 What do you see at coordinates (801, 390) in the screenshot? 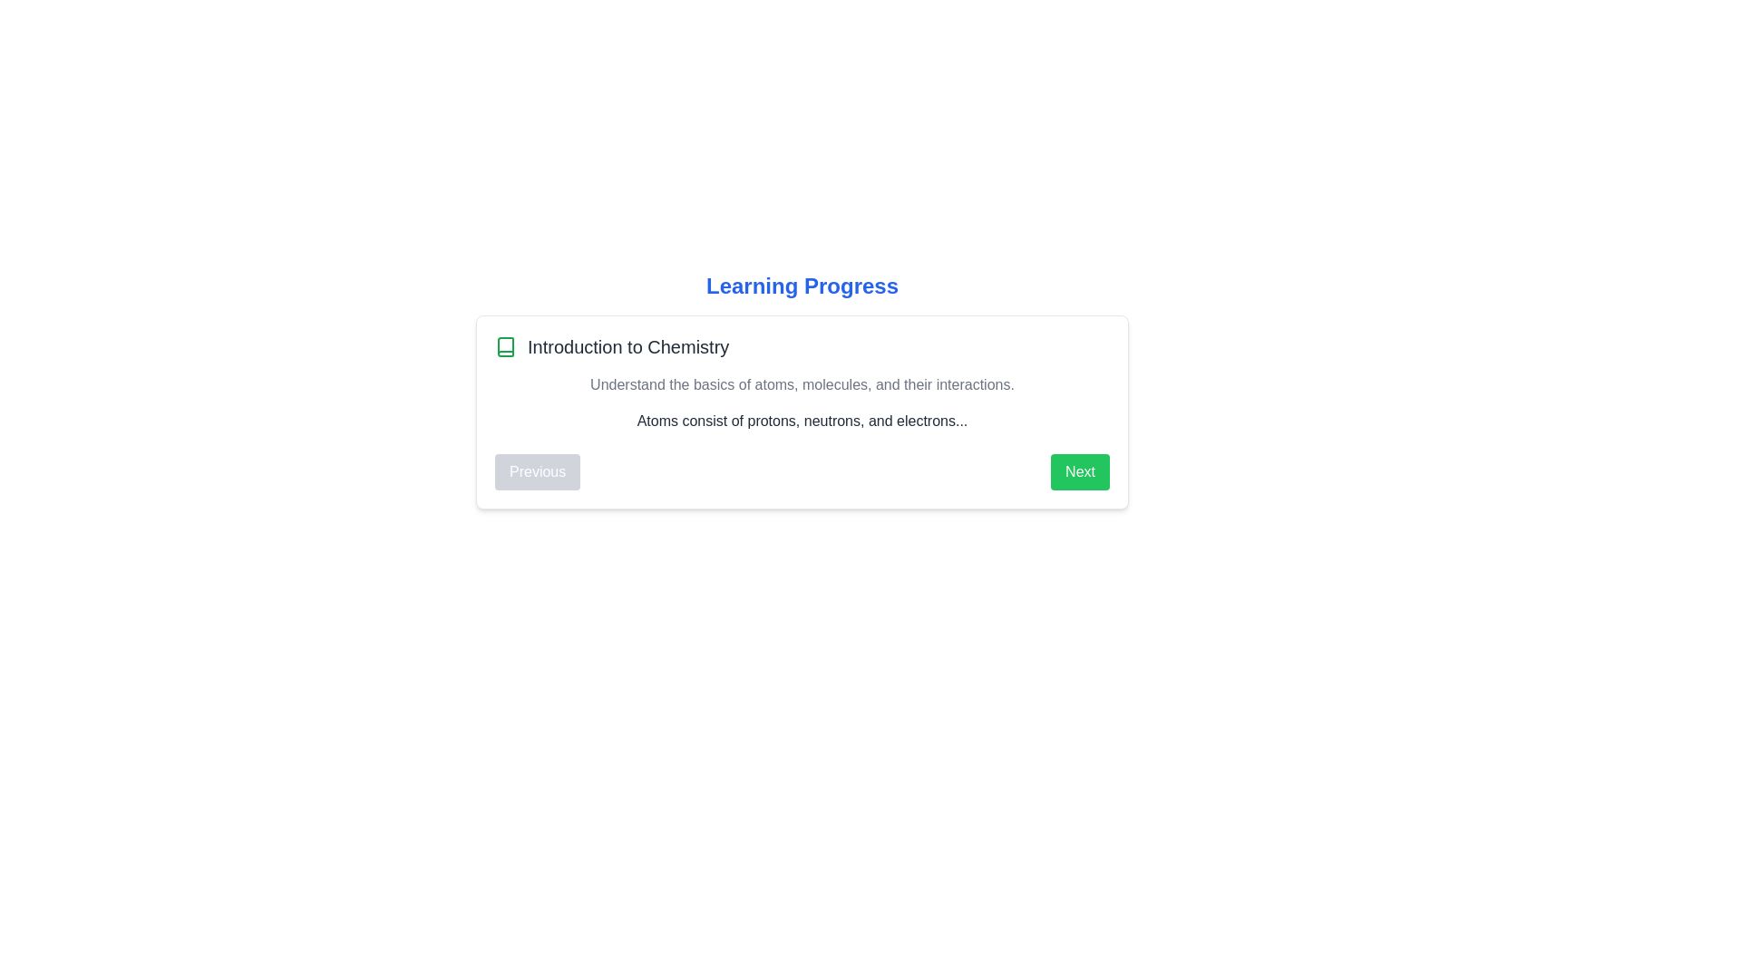
I see `displayed information from the 'Learning Progress' section which includes the title, subtitle, and navigational buttons` at bounding box center [801, 390].